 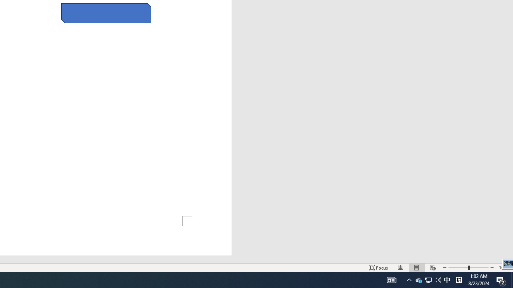 I want to click on 'Rectangle: Diagonal Corners Snipped 2', so click(x=106, y=13).